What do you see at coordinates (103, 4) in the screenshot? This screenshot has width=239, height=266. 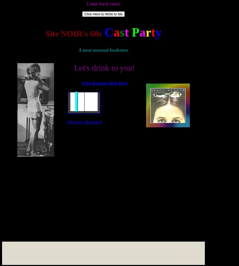 I see `'Come back soon!'` at bounding box center [103, 4].